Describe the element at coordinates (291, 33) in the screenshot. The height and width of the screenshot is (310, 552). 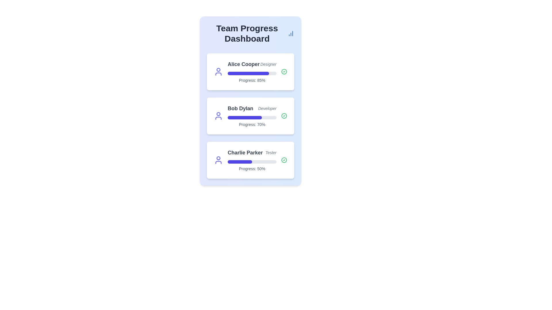
I see `the column chart icon located to the right of the 'Team Progress Dashboard' header` at that location.